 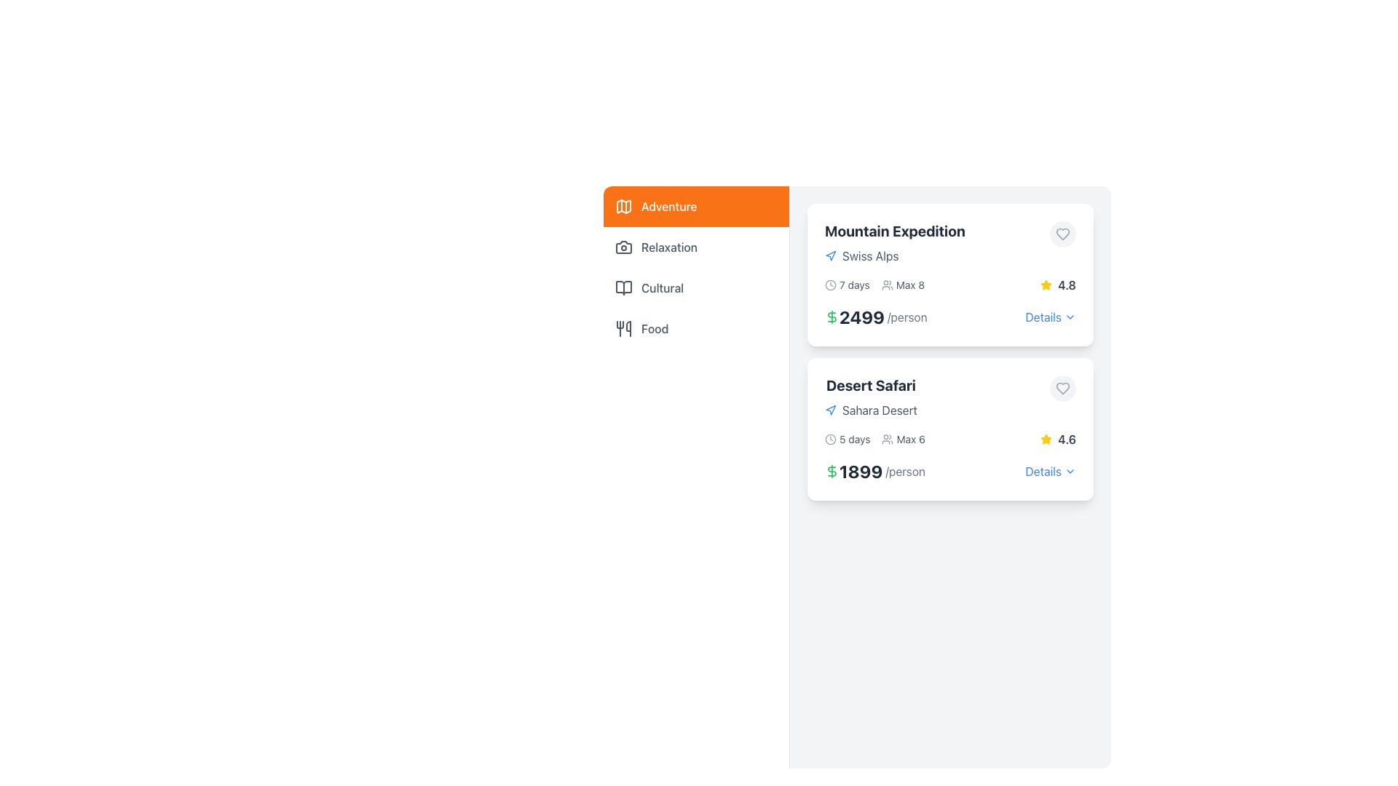 What do you see at coordinates (950, 439) in the screenshot?
I see `the items within the Informational panel located in the second travel card 'Desert Safari', below the main title and subtitle, aligned horizontally with the rating info on the right` at bounding box center [950, 439].